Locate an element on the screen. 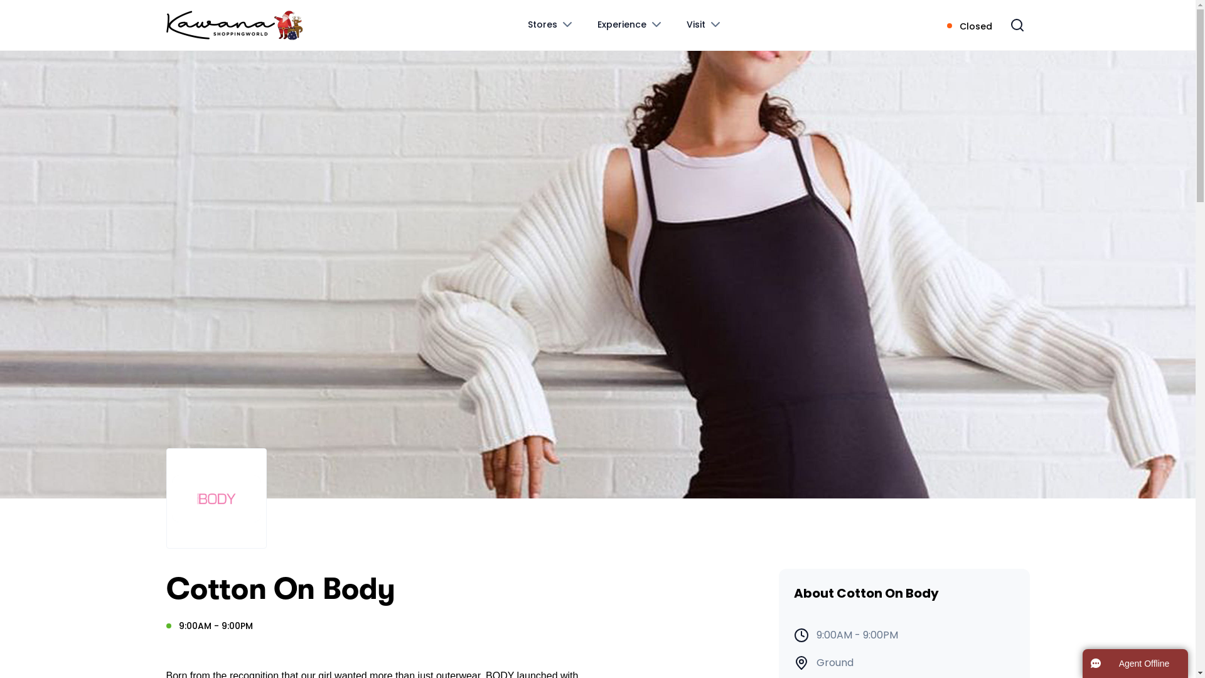 Image resolution: width=1205 pixels, height=678 pixels. 'Experience' is located at coordinates (630, 24).